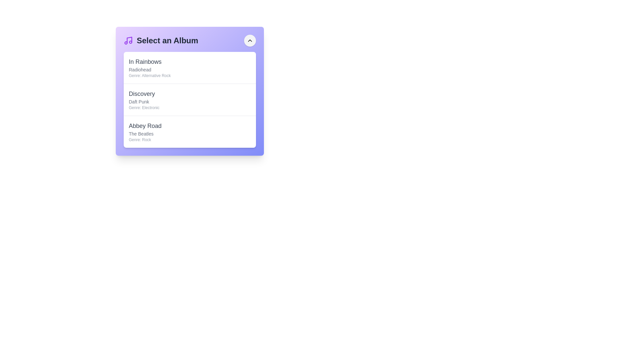 The height and width of the screenshot is (357, 635). What do you see at coordinates (249, 41) in the screenshot?
I see `the upward arrow icon (Chevron-Up) located in the top-right corner of the purple panel labeled 'Select an Album', which is within a circular button with a gray background` at bounding box center [249, 41].